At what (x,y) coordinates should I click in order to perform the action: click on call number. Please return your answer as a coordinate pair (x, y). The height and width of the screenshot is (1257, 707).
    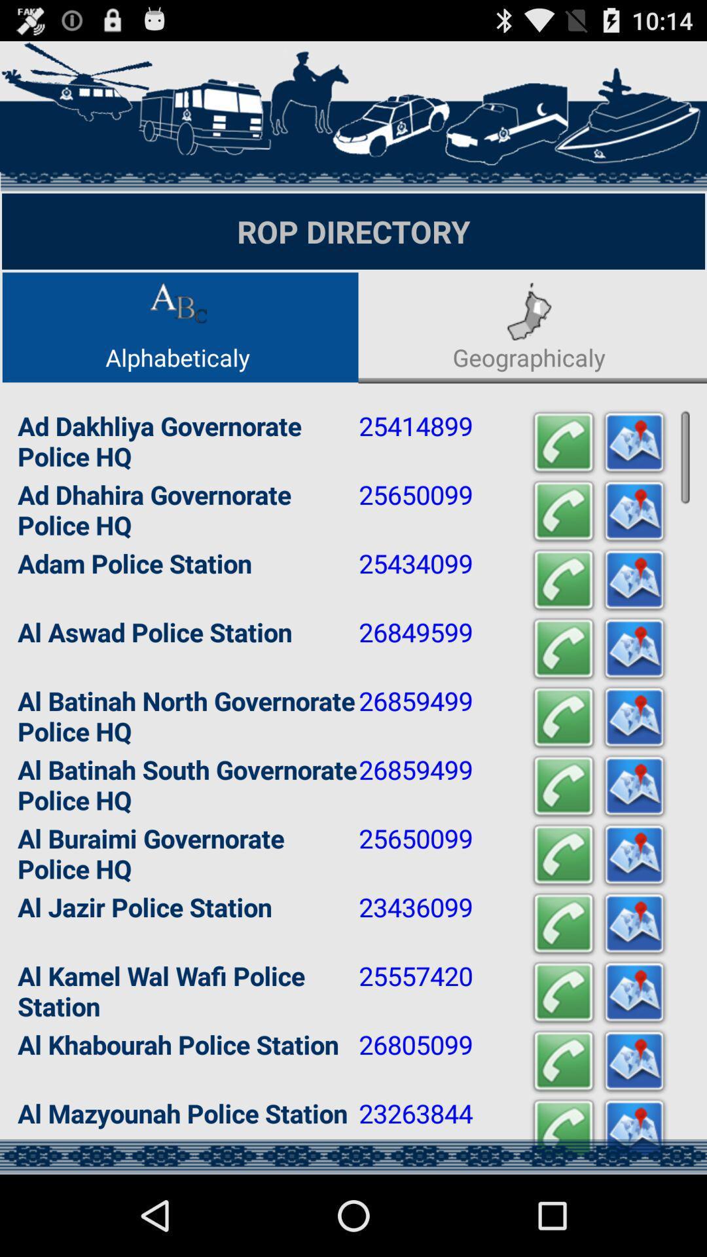
    Looking at the image, I should click on (562, 1061).